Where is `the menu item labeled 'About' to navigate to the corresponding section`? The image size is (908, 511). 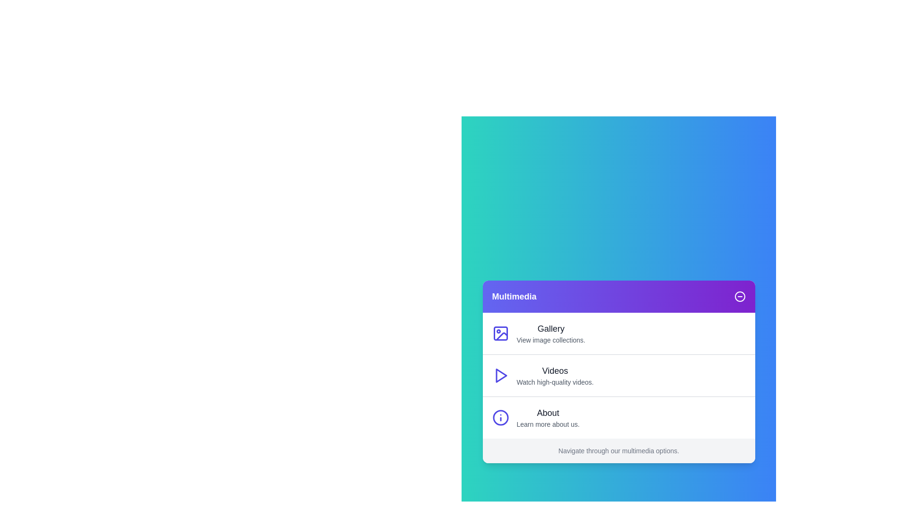 the menu item labeled 'About' to navigate to the corresponding section is located at coordinates (619, 417).